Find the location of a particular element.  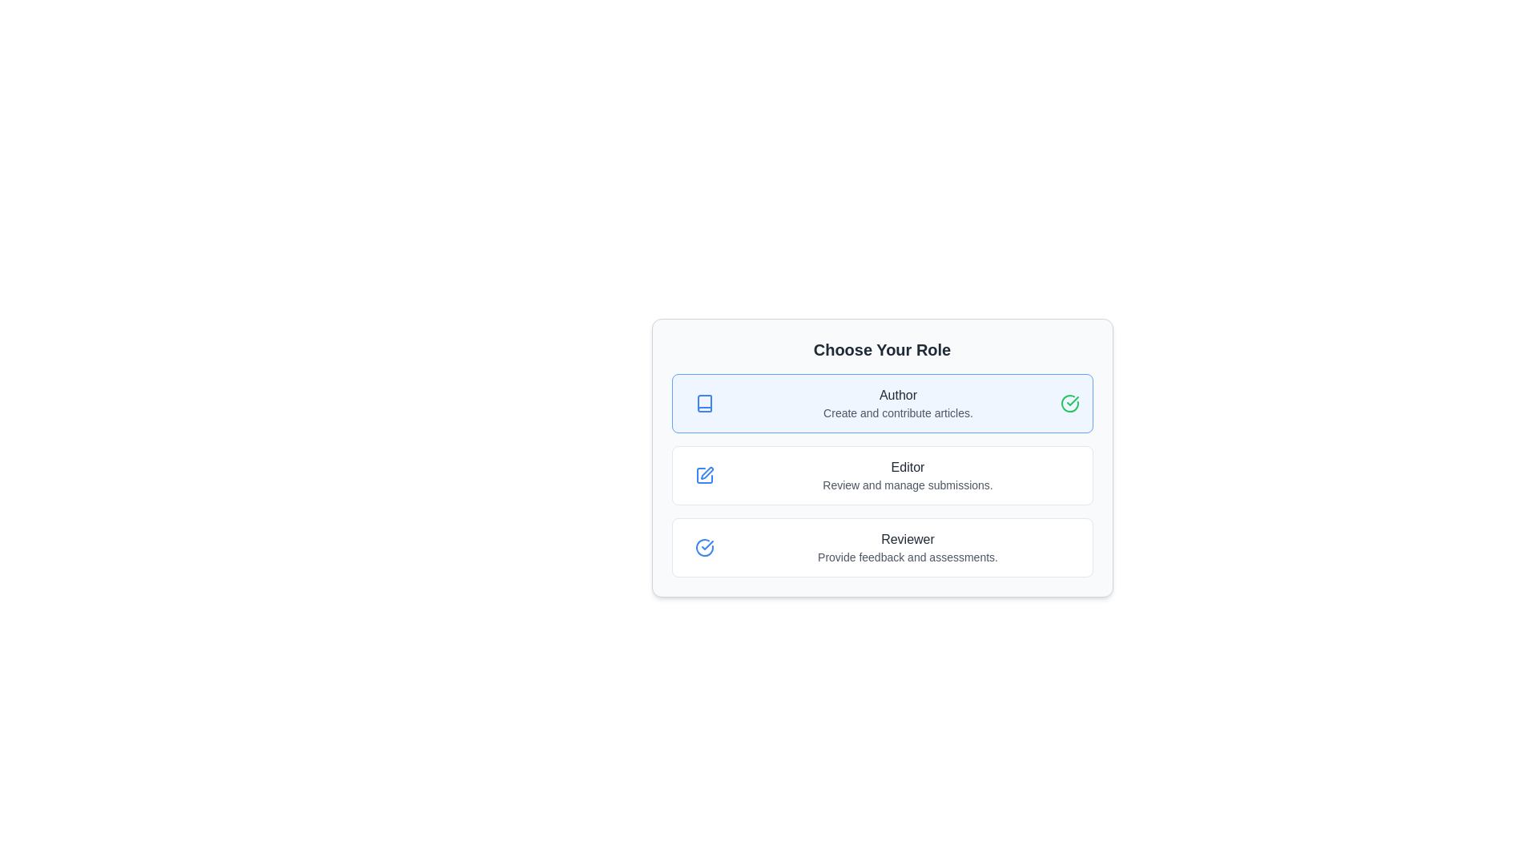

the descriptive subtitle text for the 'Author' role option, which is centrally positioned under the 'Author' label in the white panel is located at coordinates (898, 412).